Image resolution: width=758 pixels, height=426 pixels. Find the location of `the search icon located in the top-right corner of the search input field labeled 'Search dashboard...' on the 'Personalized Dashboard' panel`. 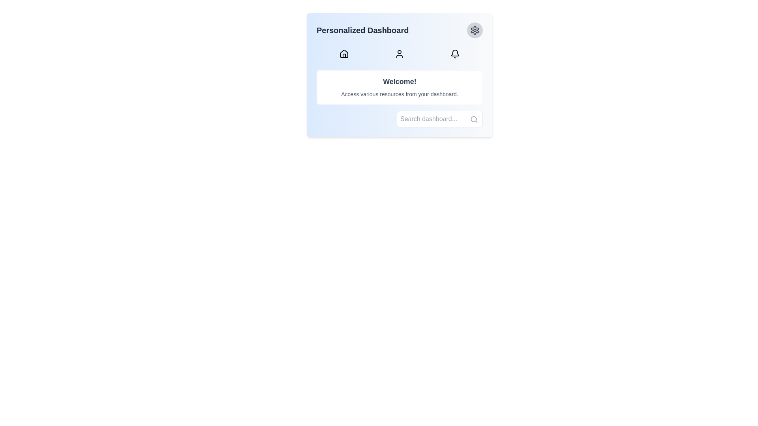

the search icon located in the top-right corner of the search input field labeled 'Search dashboard...' on the 'Personalized Dashboard' panel is located at coordinates (474, 120).